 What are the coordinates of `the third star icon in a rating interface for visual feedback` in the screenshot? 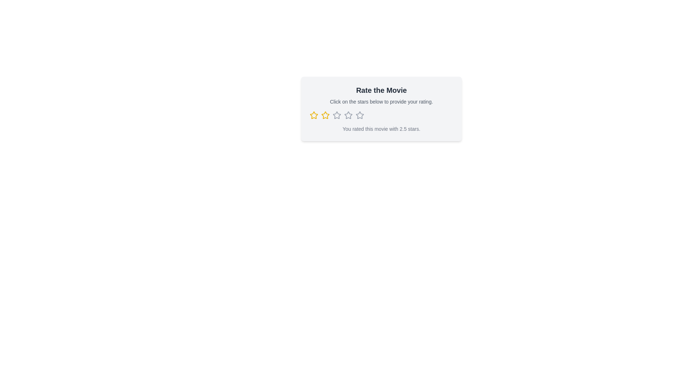 It's located at (337, 115).